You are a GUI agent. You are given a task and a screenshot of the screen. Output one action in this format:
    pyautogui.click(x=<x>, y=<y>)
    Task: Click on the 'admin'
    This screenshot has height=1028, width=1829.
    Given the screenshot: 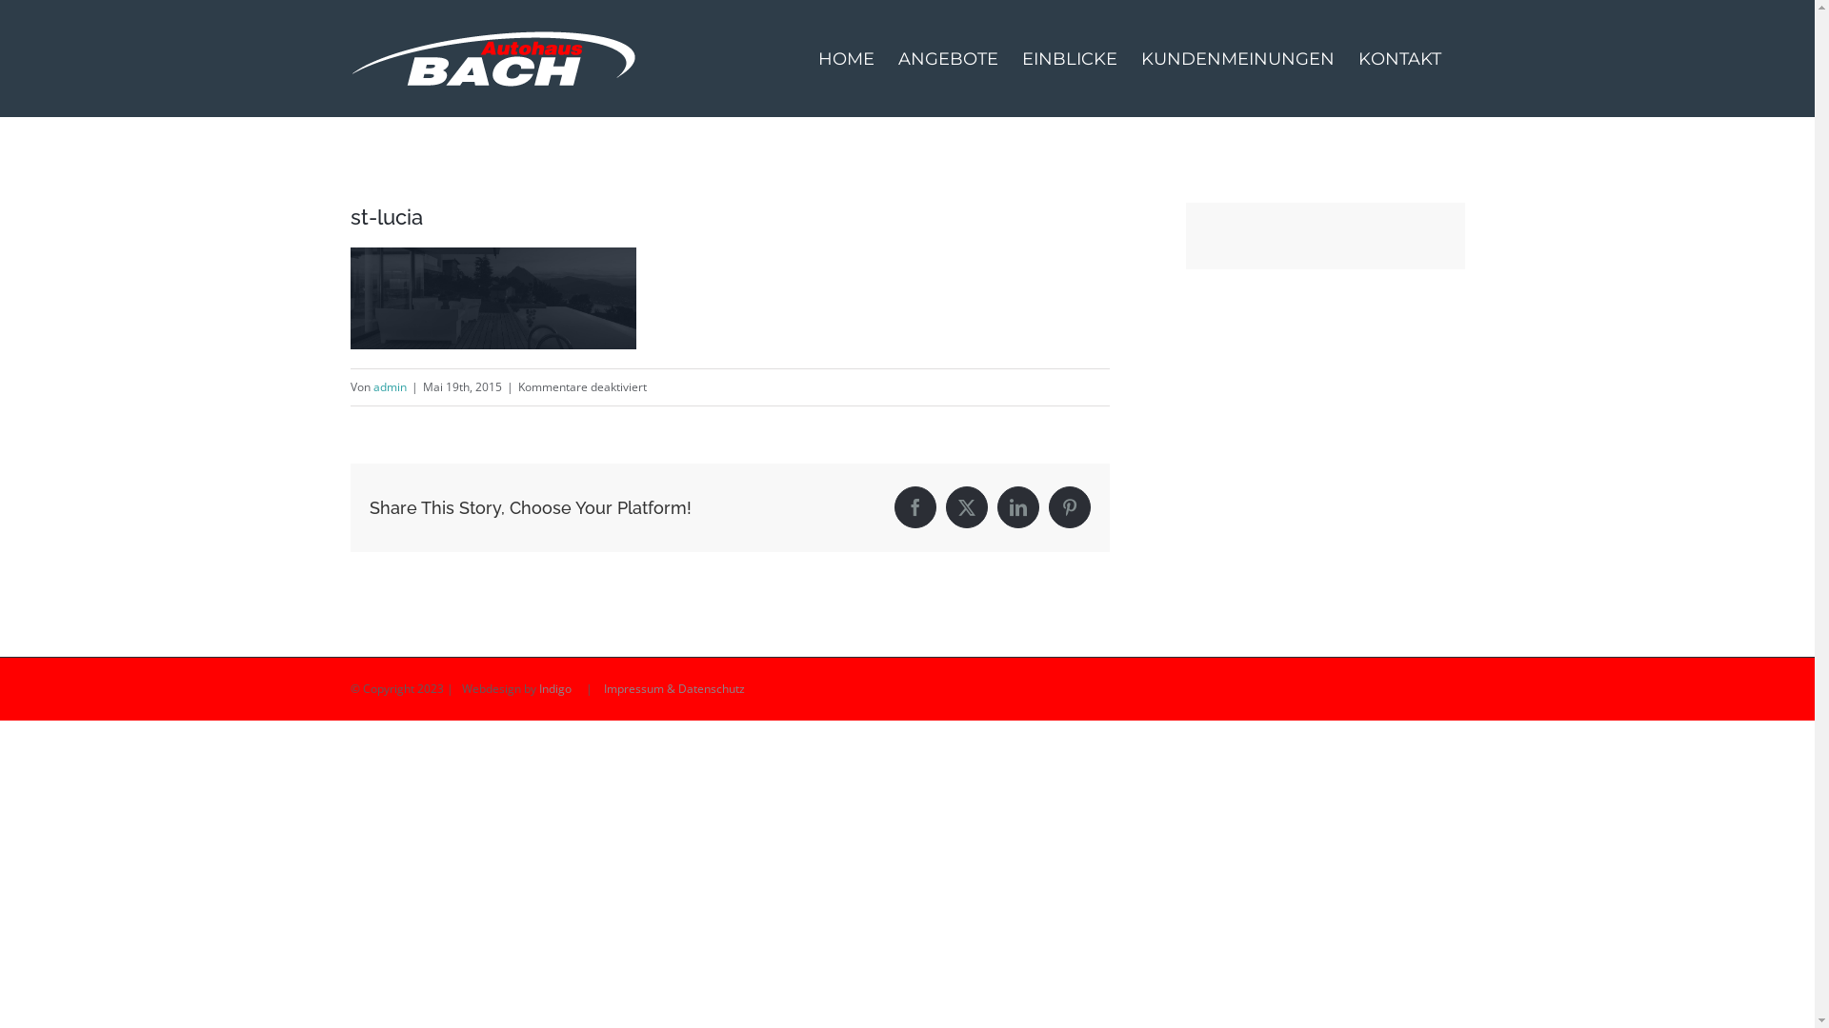 What is the action you would take?
    pyautogui.click(x=389, y=385)
    